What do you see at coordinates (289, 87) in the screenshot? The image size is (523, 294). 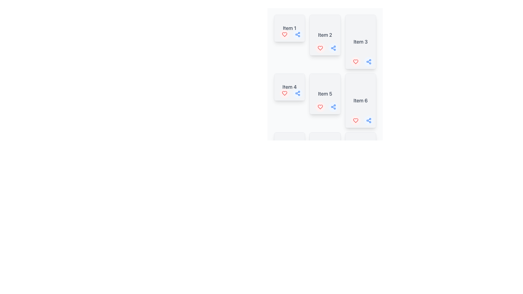 I see `text content of the Text Label displaying 'Item 4' in bold gray font, located in the second row and first column of the grid layout` at bounding box center [289, 87].